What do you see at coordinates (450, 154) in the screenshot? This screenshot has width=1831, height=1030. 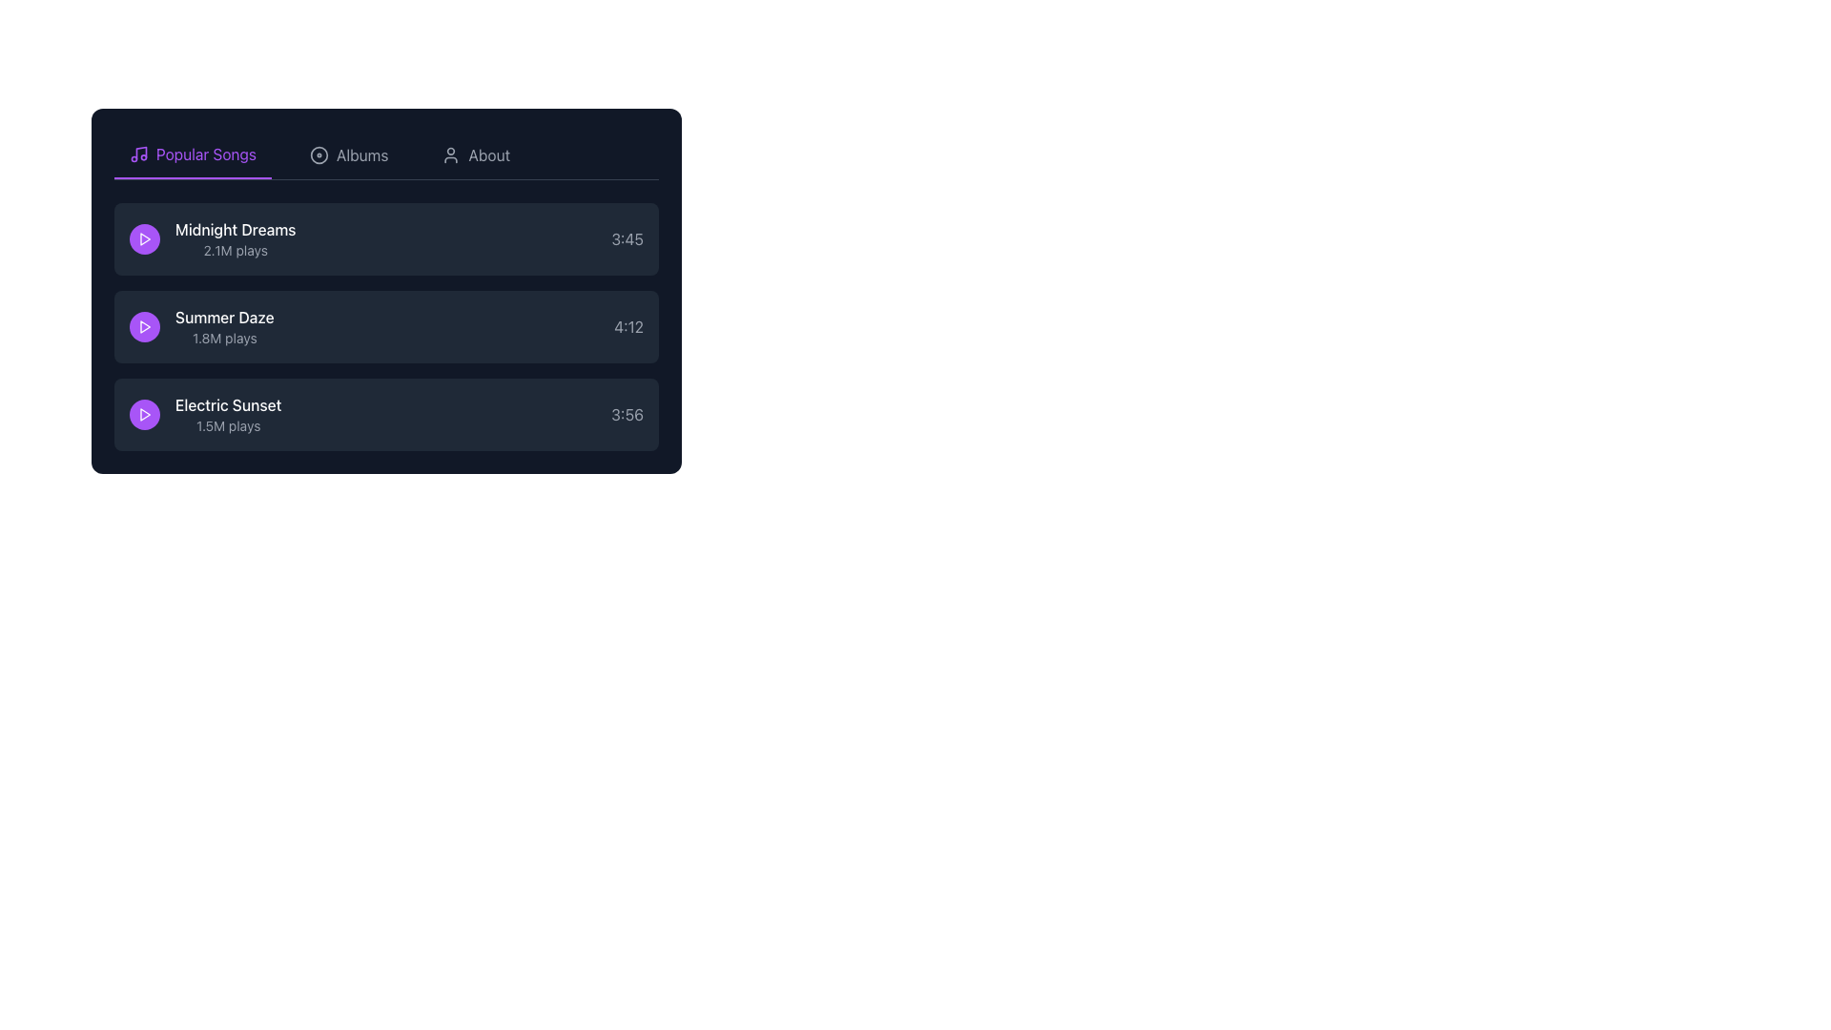 I see `the user profile icon preceding the label 'About' to view more options` at bounding box center [450, 154].